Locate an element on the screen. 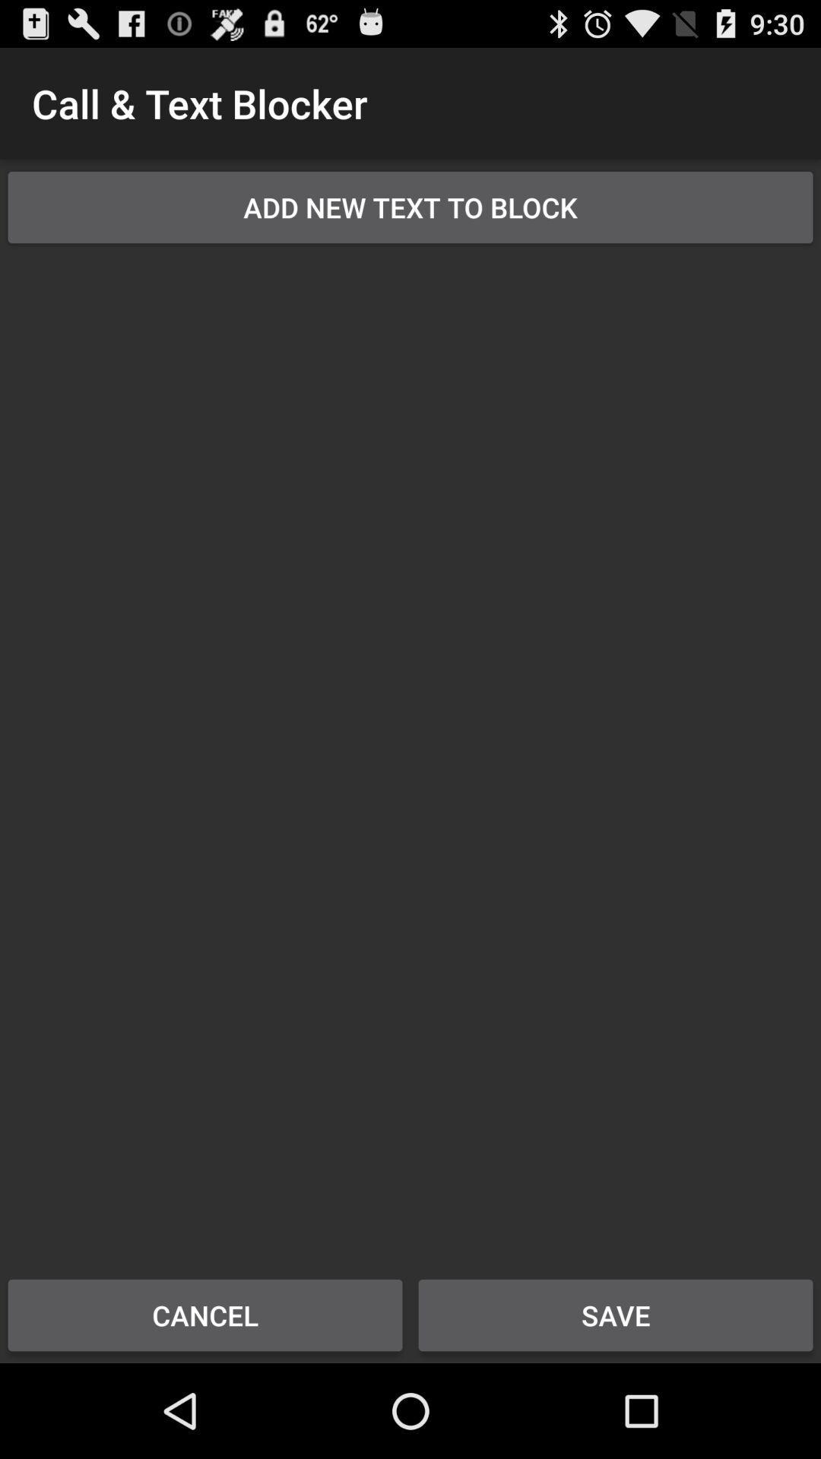 The width and height of the screenshot is (821, 1459). add new text is located at coordinates (410, 207).